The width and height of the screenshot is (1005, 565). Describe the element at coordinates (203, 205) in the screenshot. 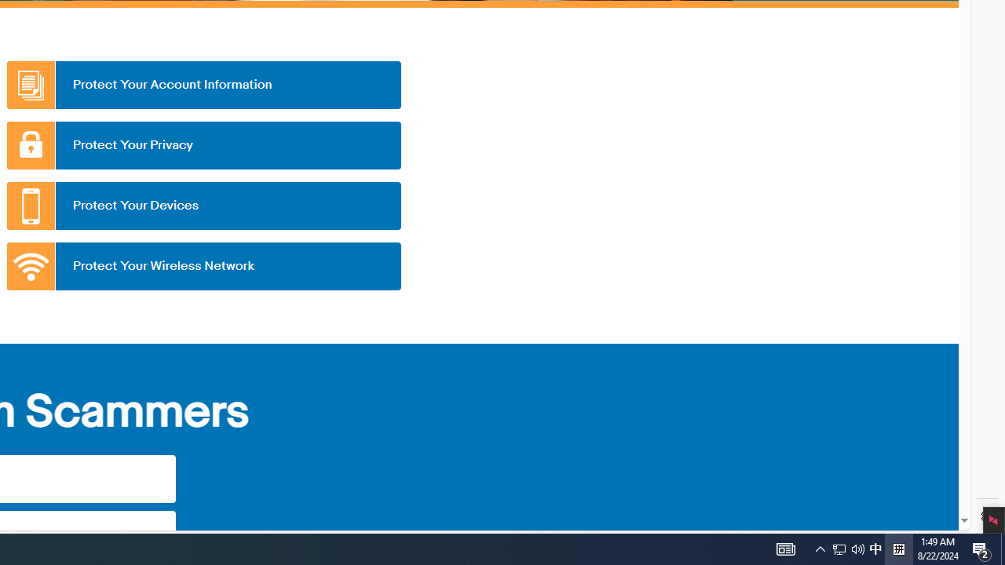

I see `'Protect Your Devices'` at that location.